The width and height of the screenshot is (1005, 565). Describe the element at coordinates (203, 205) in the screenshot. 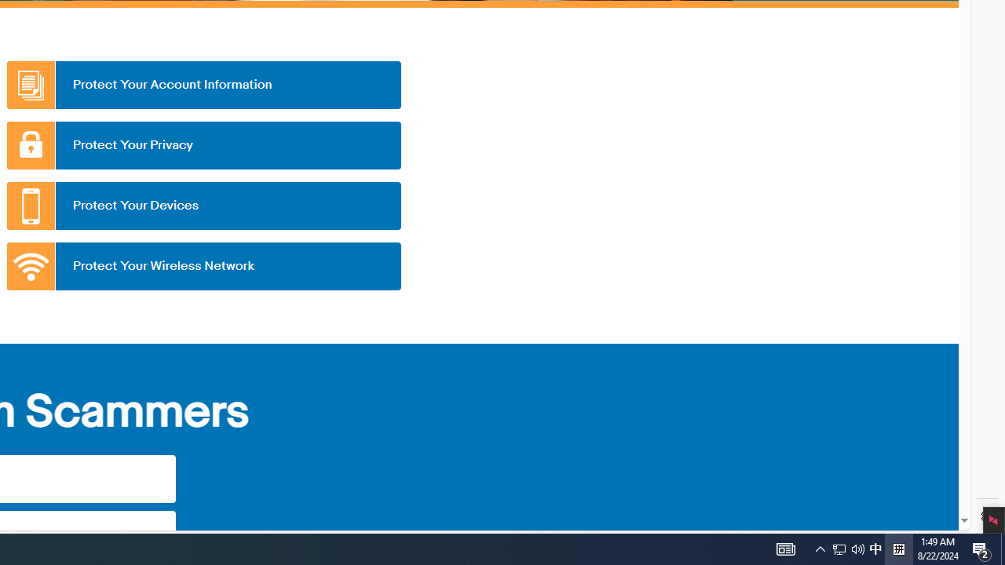

I see `'Protect Your Devices'` at that location.